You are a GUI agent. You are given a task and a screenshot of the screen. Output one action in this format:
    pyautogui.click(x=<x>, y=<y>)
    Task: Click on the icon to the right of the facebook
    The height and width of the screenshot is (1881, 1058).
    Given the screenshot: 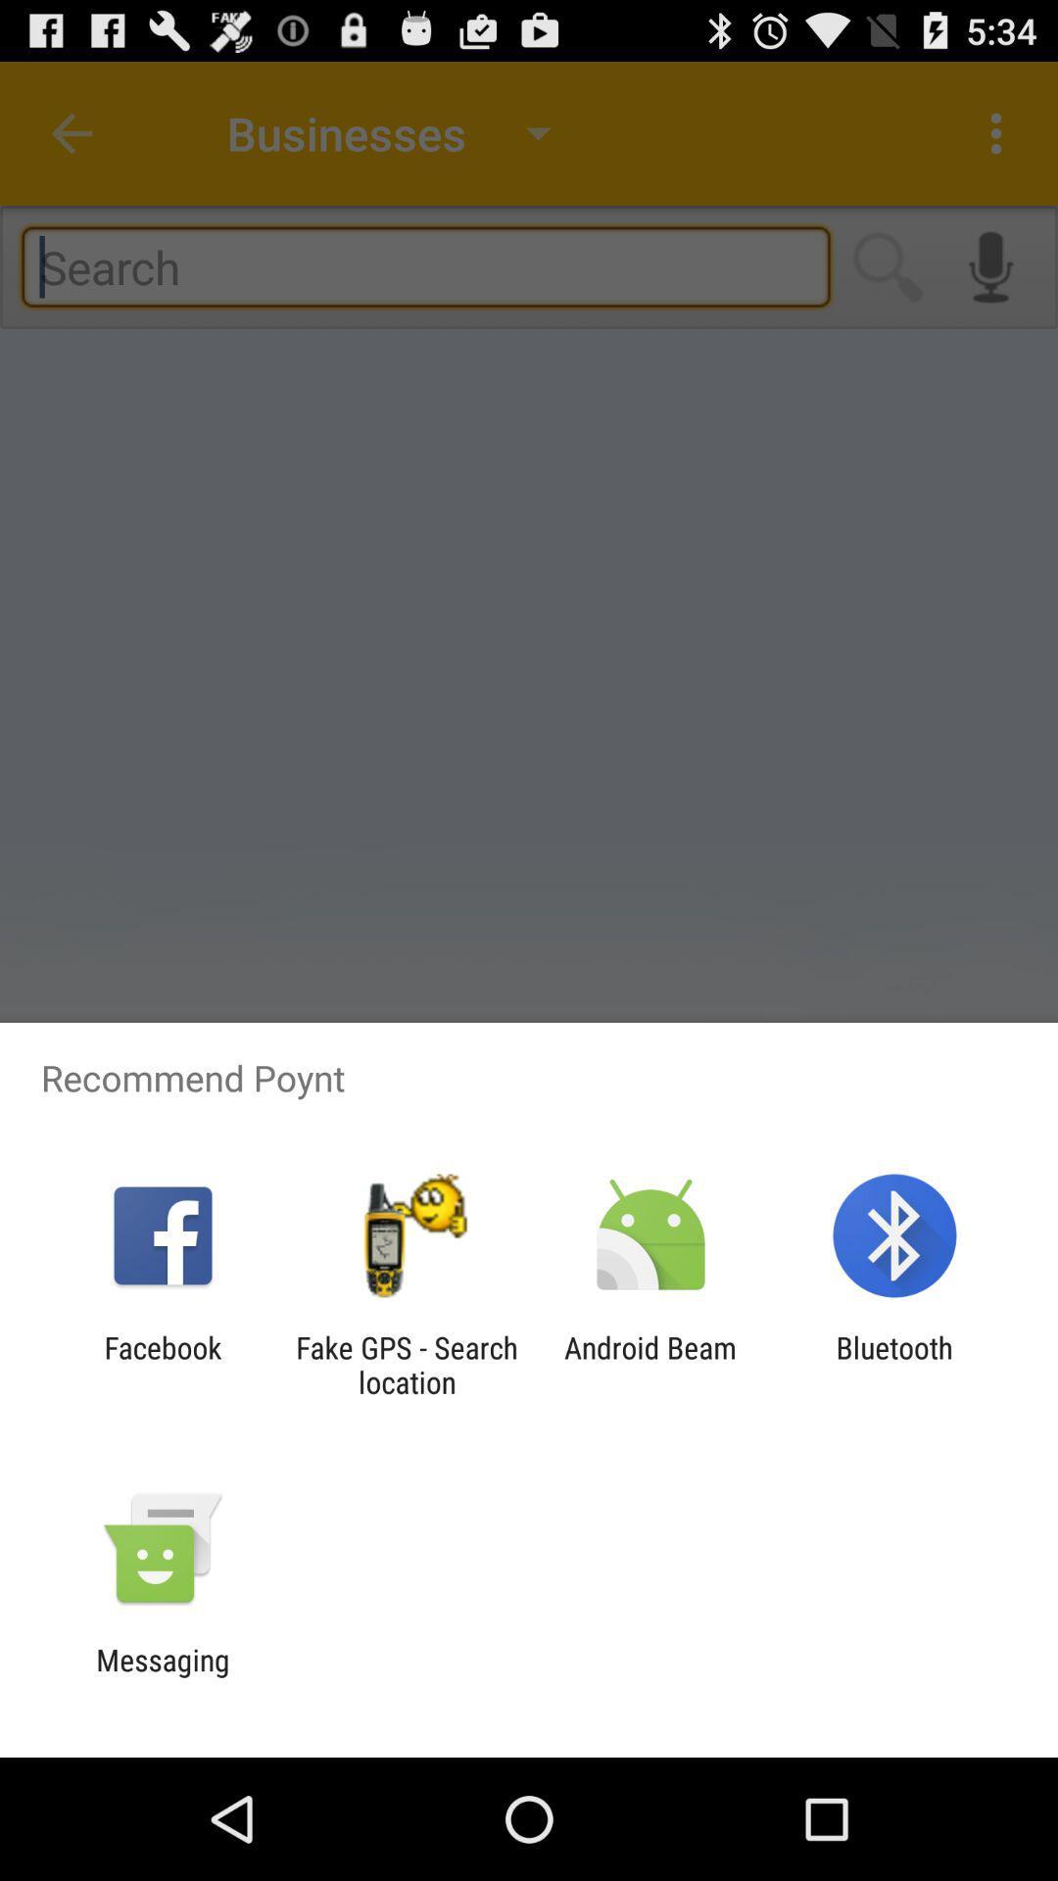 What is the action you would take?
    pyautogui.click(x=406, y=1364)
    